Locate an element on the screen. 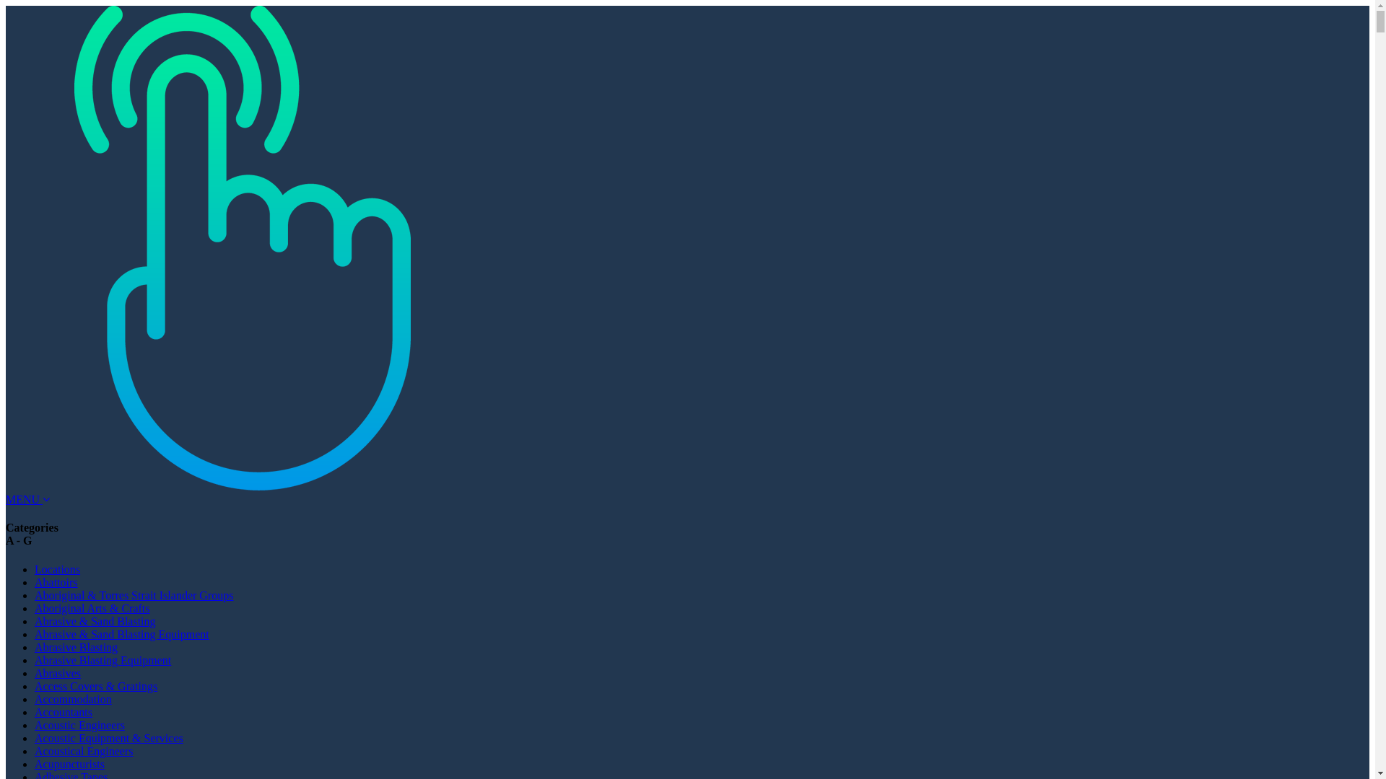 This screenshot has height=779, width=1386. 'Access Covers & Gratings' is located at coordinates (35, 685).